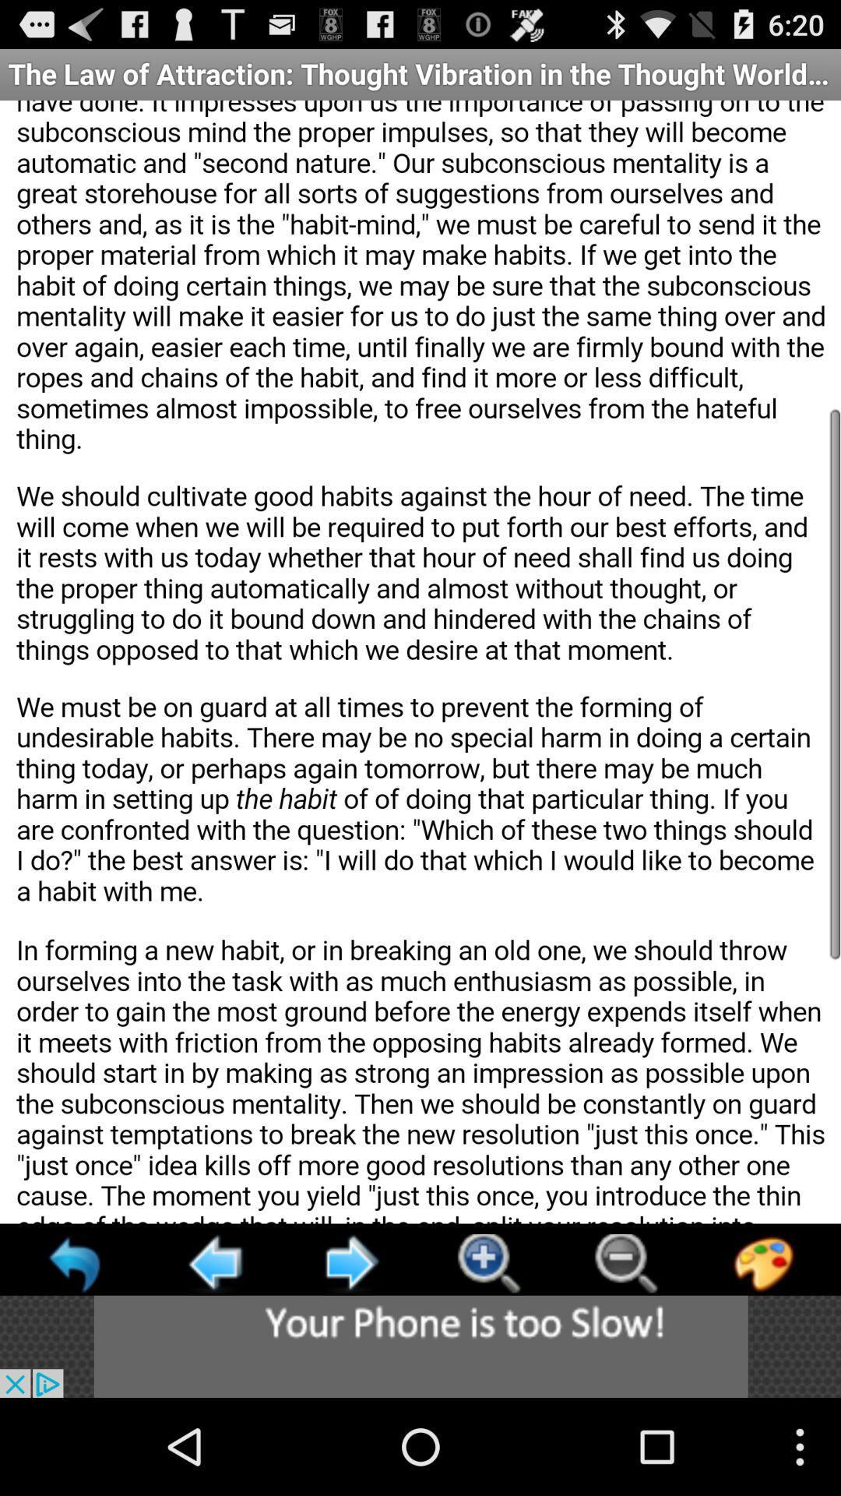  What do you see at coordinates (76, 1263) in the screenshot?
I see `previous` at bounding box center [76, 1263].